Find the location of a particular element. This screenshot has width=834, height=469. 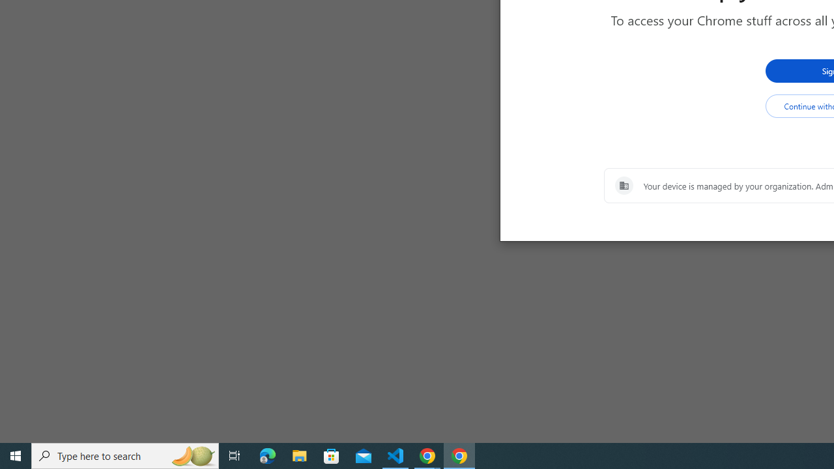

'Microsoft Store' is located at coordinates (332, 455).